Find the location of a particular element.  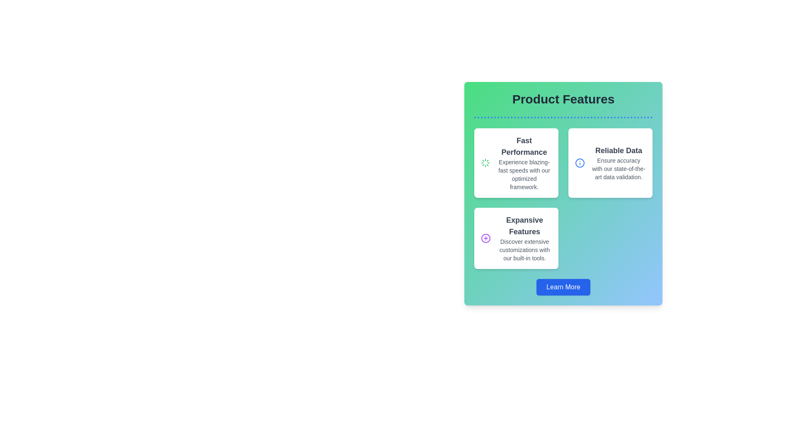

text label that states 'Experience blazing-fast speeds with our optimized framework.' located under the bold title 'Fast Performance' within the top-left card of the feature section titled 'Product Features' is located at coordinates (524, 174).